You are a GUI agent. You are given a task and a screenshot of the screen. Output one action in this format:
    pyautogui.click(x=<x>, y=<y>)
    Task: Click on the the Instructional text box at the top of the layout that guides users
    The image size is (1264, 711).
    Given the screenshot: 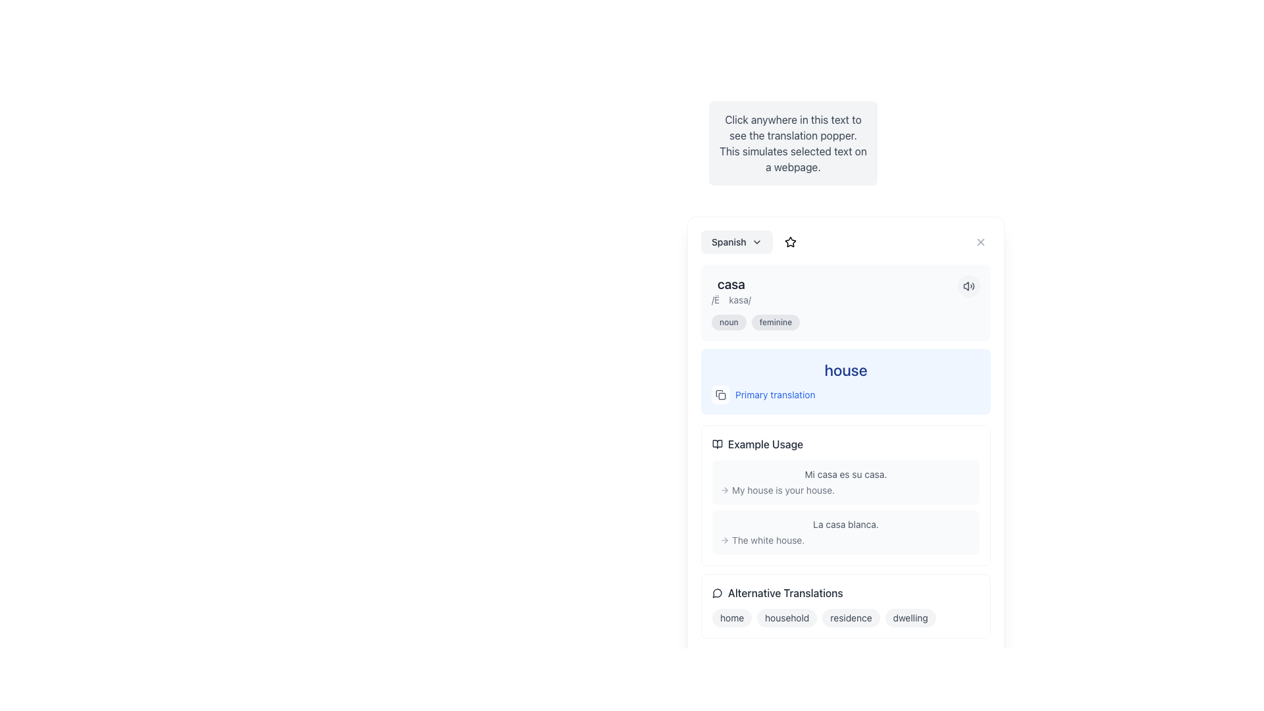 What is the action you would take?
    pyautogui.click(x=850, y=144)
    